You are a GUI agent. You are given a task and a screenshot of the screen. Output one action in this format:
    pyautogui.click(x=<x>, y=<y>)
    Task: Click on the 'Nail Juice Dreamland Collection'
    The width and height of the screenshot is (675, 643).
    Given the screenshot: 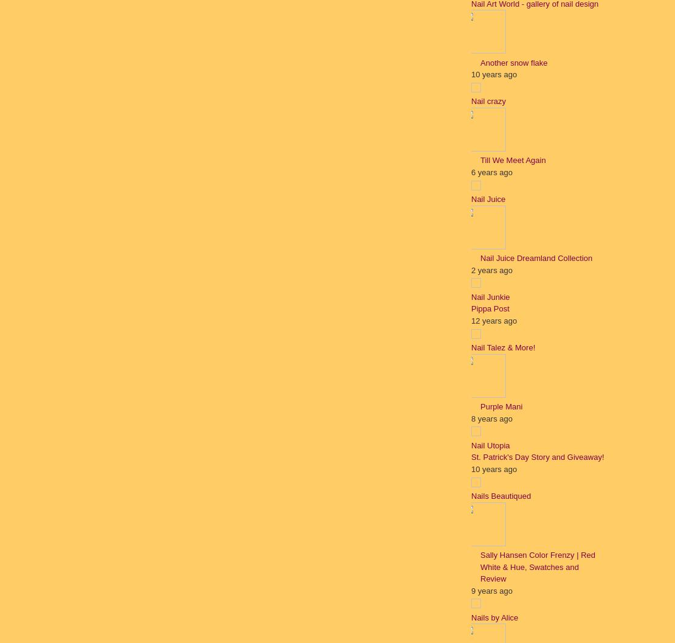 What is the action you would take?
    pyautogui.click(x=536, y=257)
    